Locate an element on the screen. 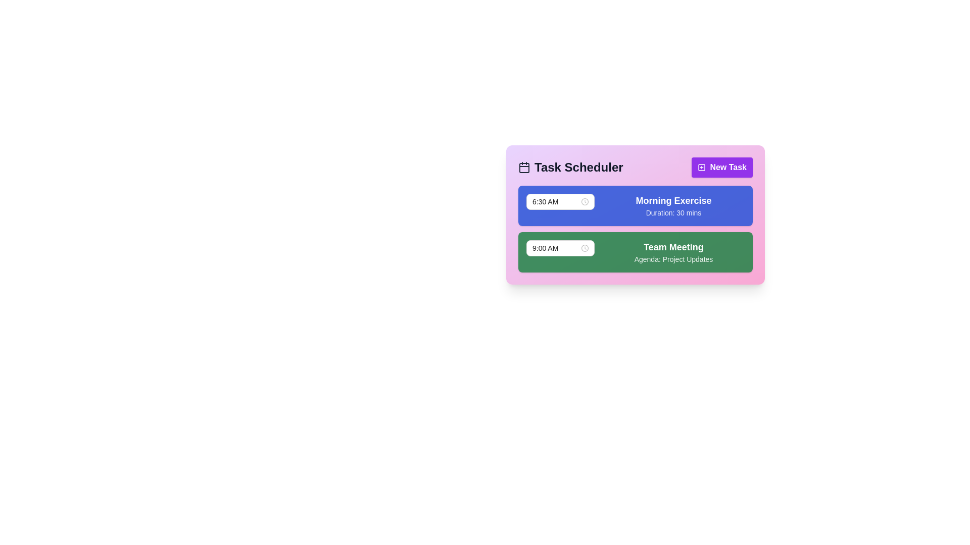 The height and width of the screenshot is (545, 970). the small clock icon located at the right end of the time selection input field labeled '6:30 AM' within the task card for 'Morning Exercise.' is located at coordinates (585, 202).